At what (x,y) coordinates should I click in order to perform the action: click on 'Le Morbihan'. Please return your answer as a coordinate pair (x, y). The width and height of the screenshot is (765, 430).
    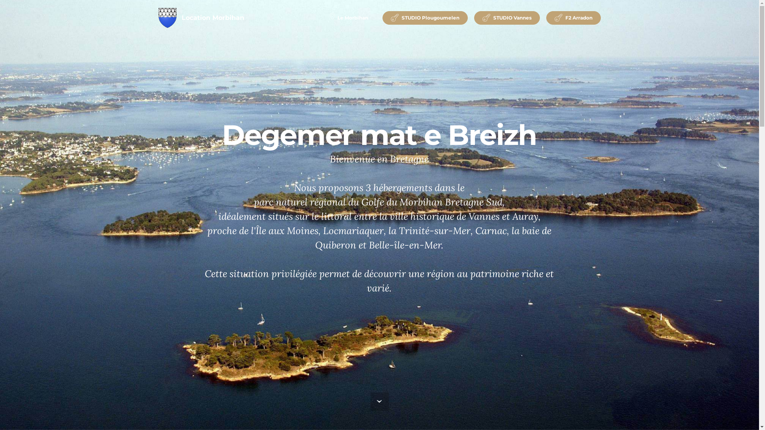
    Looking at the image, I should click on (349, 18).